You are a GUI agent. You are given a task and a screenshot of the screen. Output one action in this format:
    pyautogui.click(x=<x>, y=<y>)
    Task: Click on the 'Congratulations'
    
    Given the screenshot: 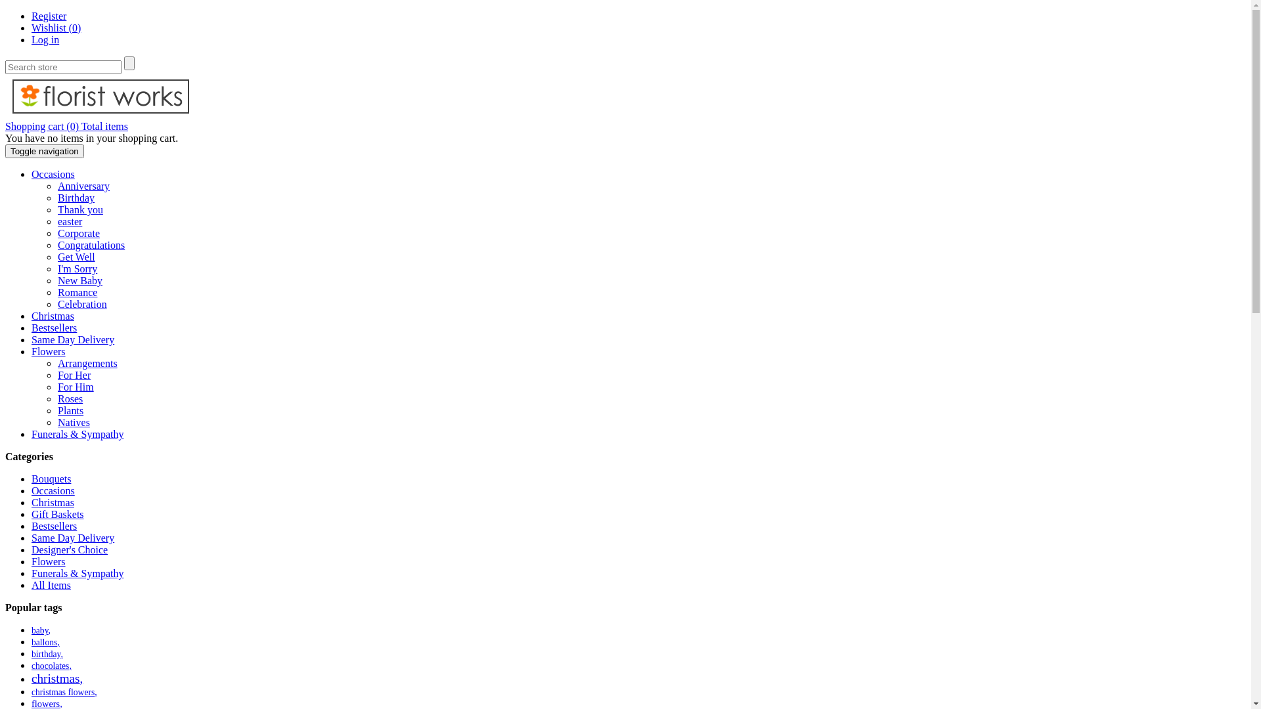 What is the action you would take?
    pyautogui.click(x=56, y=245)
    